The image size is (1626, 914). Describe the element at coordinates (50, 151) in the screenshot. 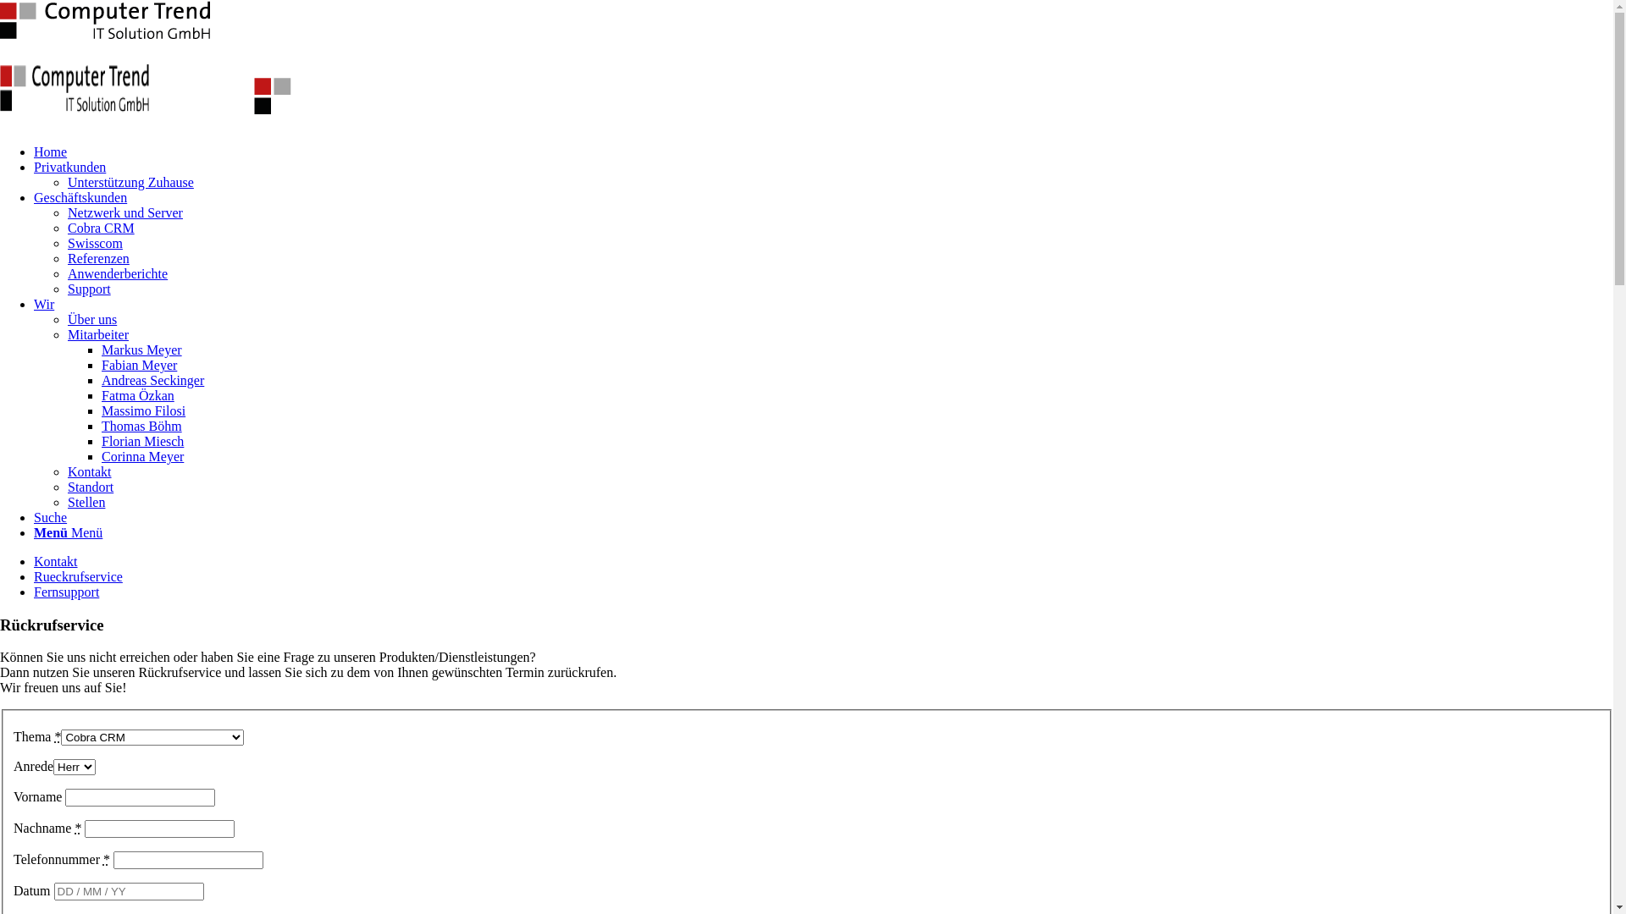

I see `'Home'` at that location.